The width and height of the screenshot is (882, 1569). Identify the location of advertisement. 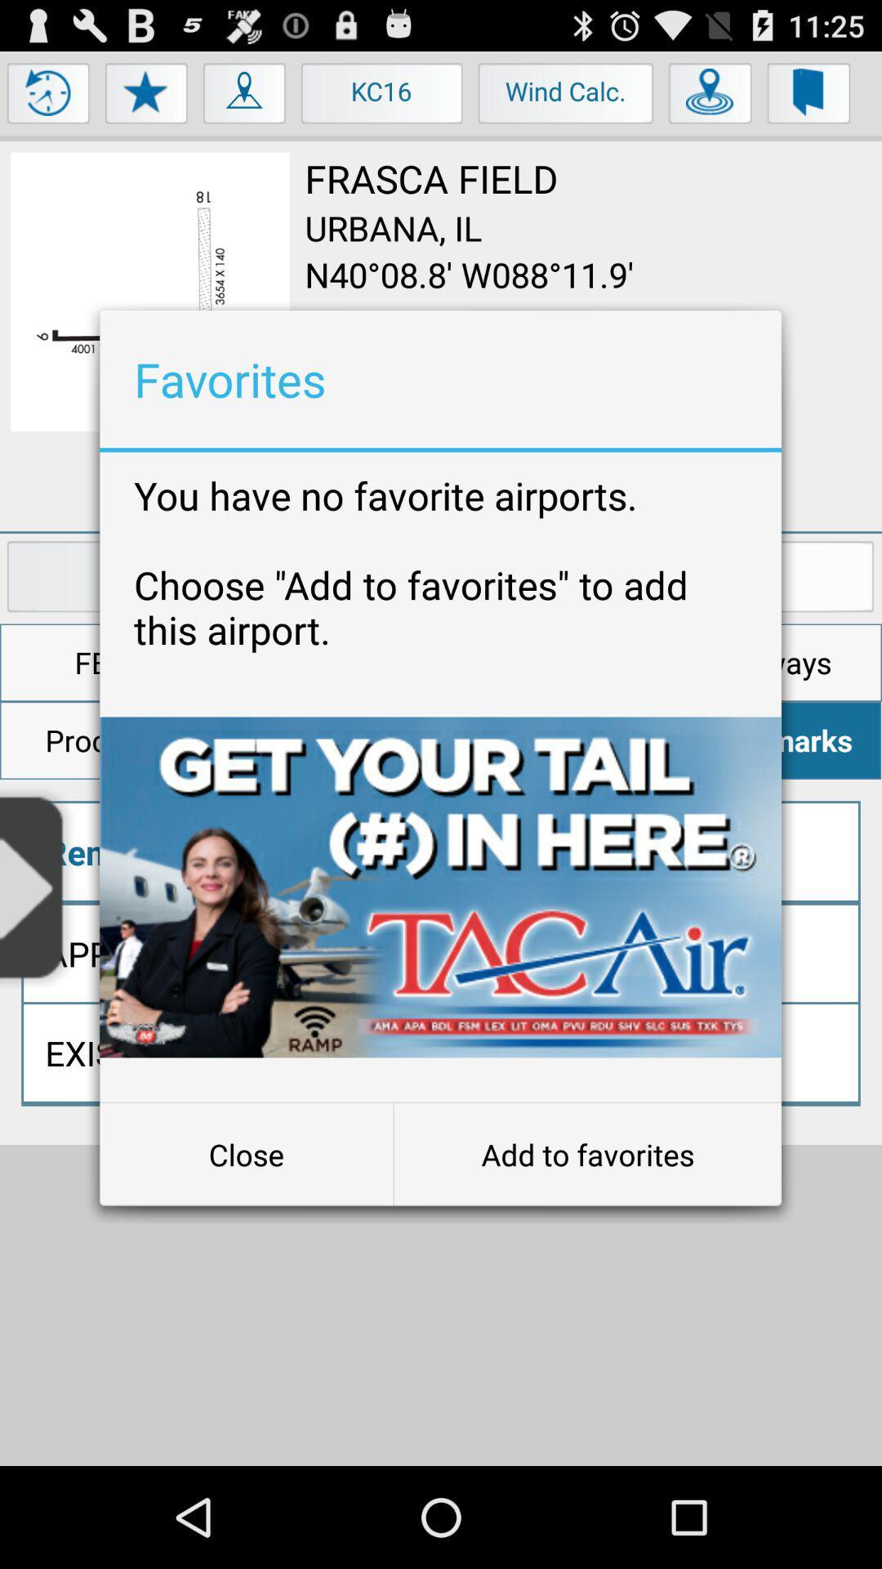
(439, 886).